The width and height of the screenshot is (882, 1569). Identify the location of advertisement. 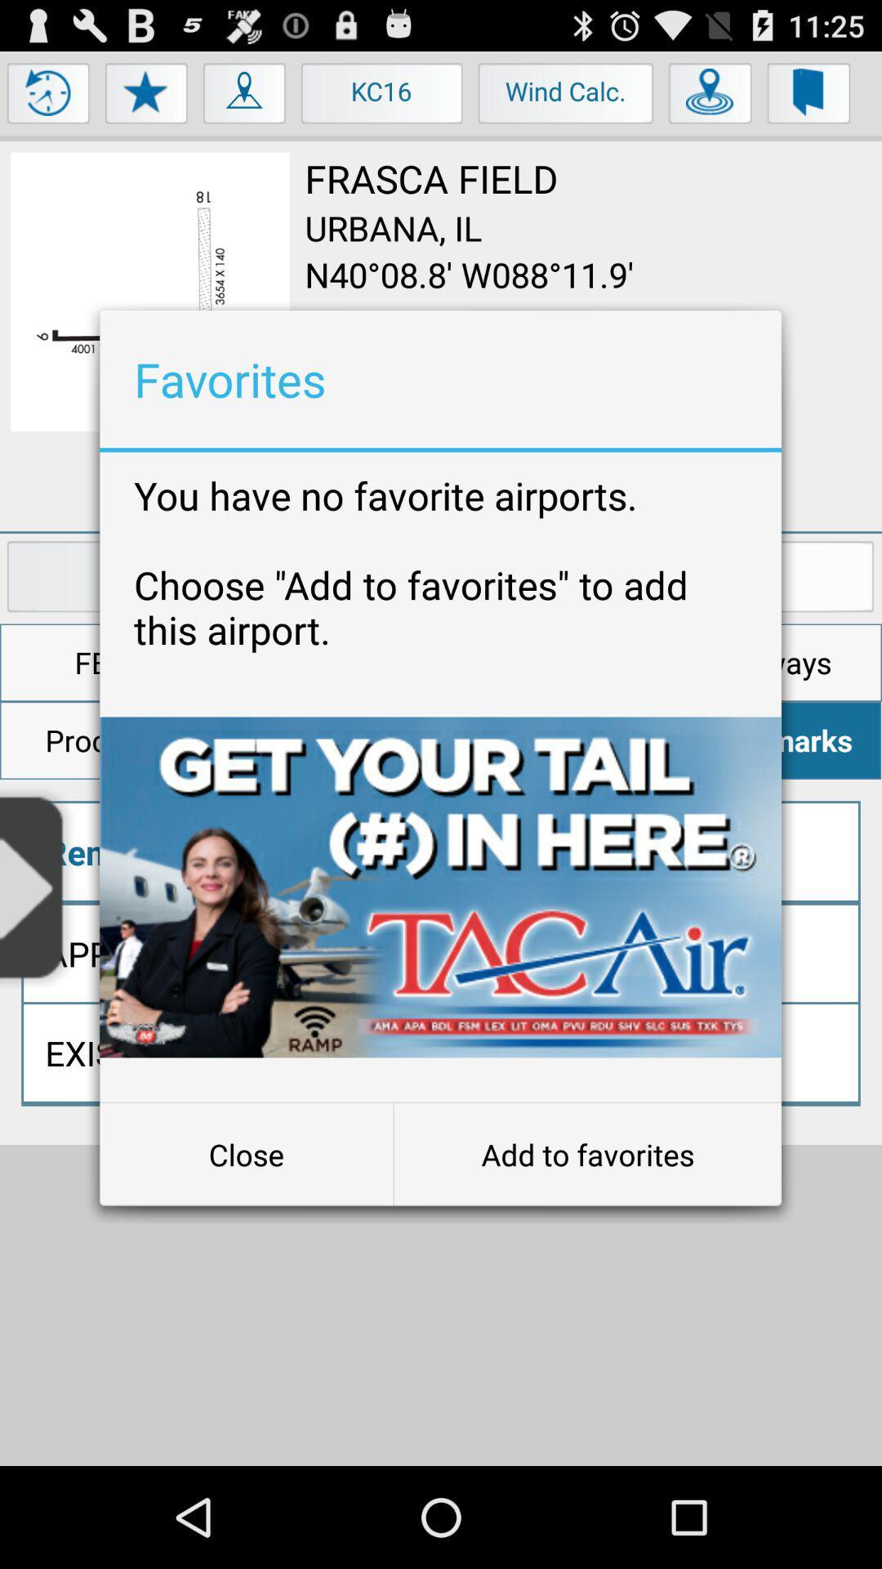
(439, 886).